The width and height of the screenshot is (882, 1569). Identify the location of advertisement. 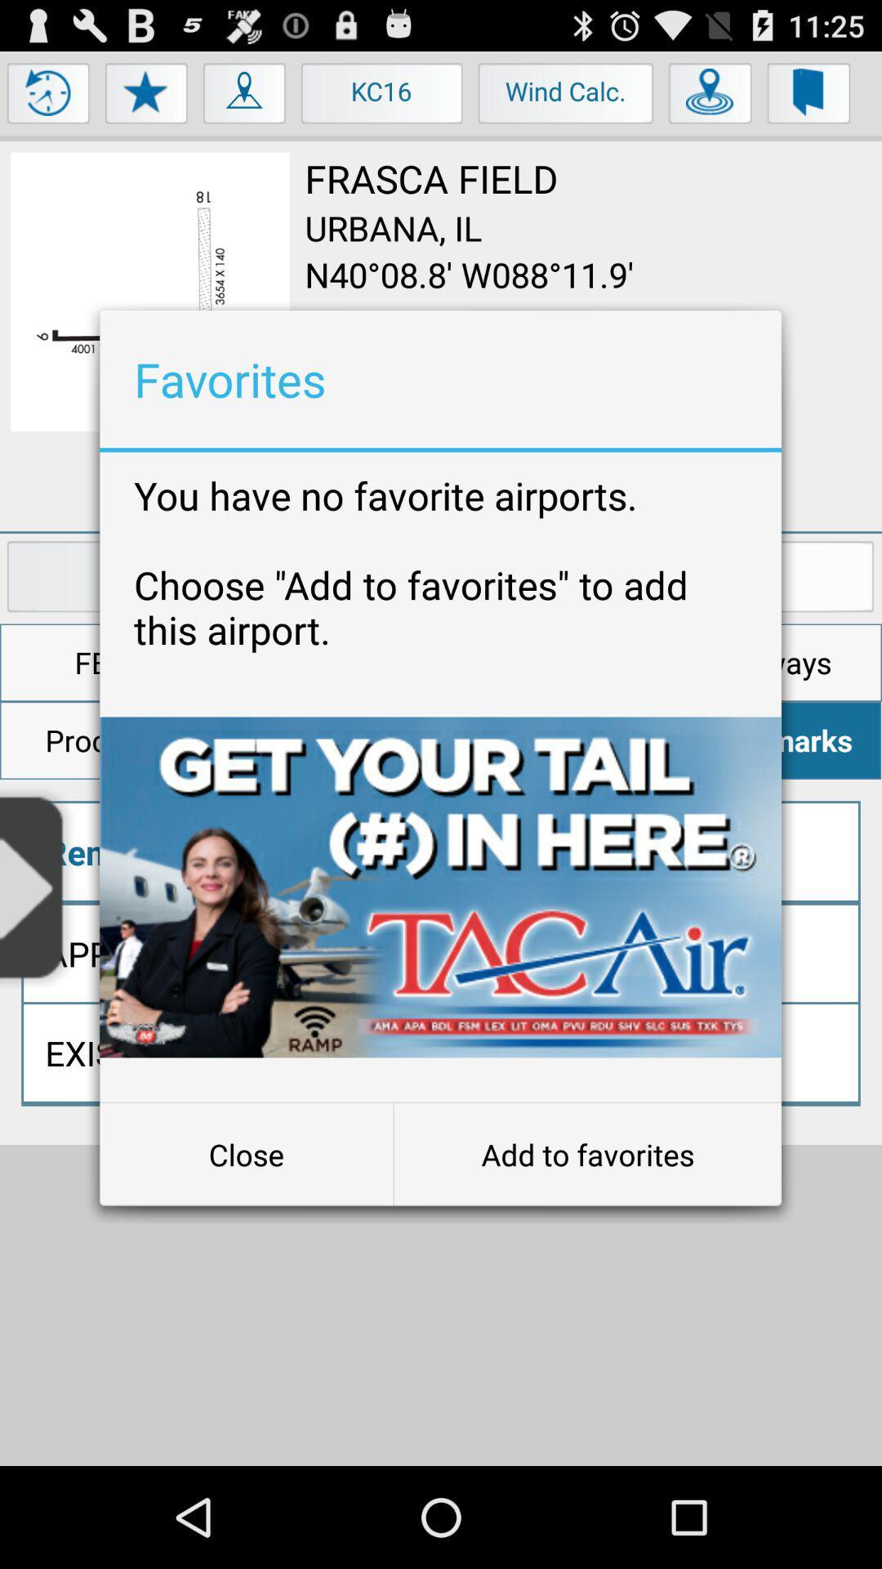
(439, 886).